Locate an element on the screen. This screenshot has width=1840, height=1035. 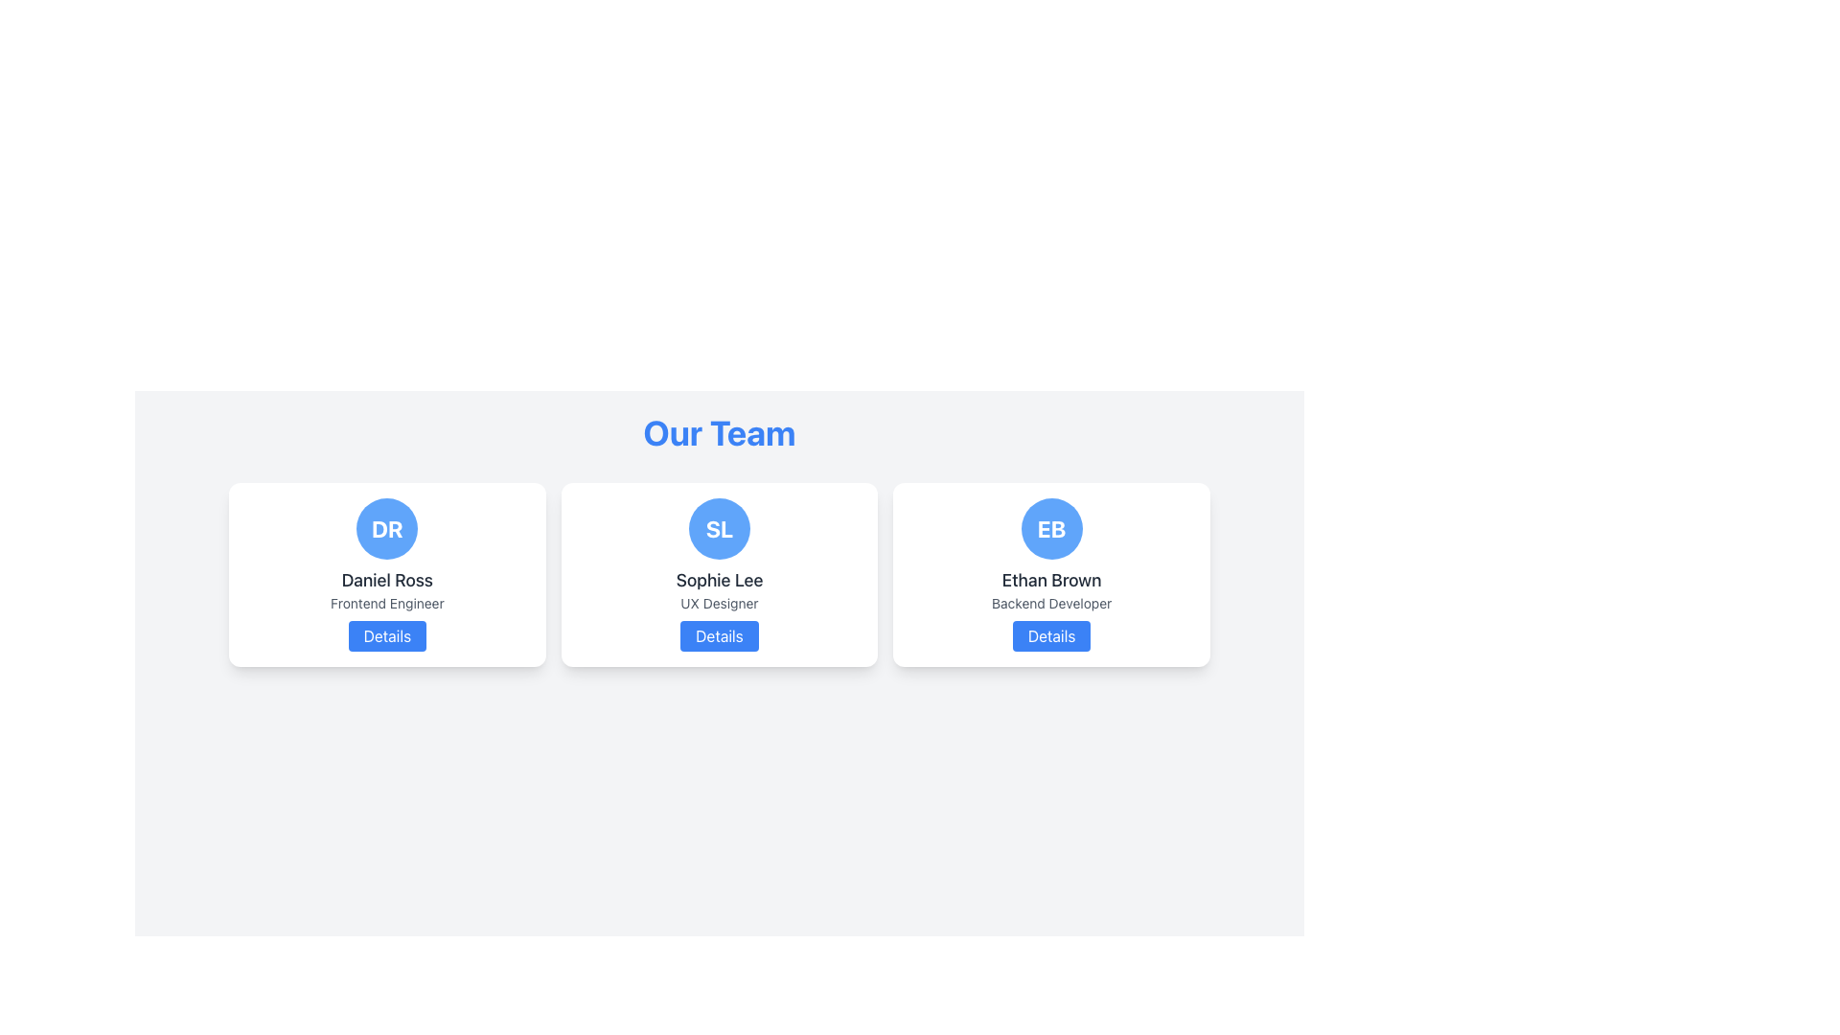
the text label displaying the name 'Sophie Lee' which is positioned below the avatar labeled 'SL' and above the 'Details' button in the 'Our Team' section is located at coordinates (718, 579).